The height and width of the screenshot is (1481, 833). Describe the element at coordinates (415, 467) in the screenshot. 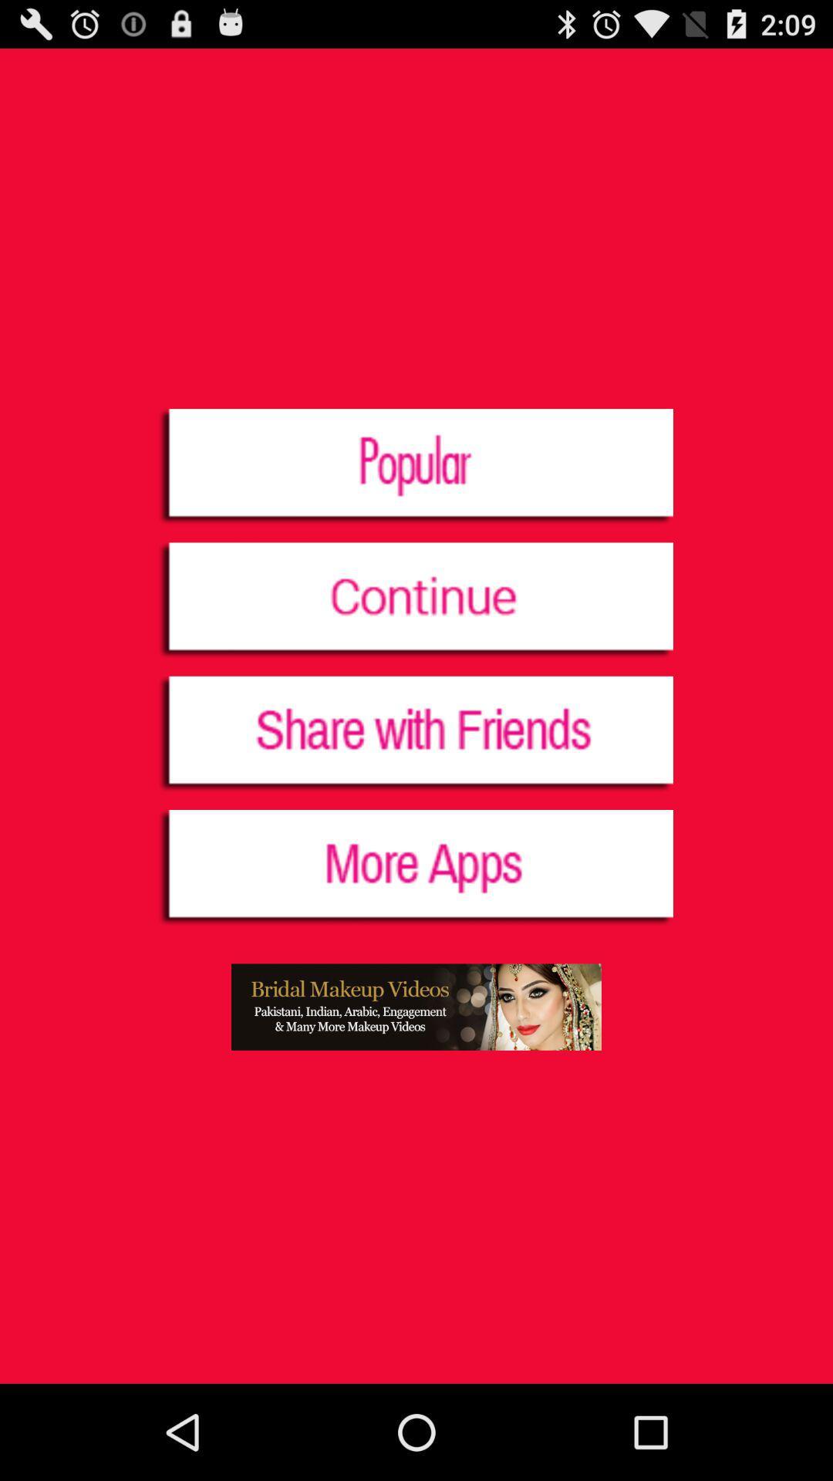

I see `the icon at the top` at that location.